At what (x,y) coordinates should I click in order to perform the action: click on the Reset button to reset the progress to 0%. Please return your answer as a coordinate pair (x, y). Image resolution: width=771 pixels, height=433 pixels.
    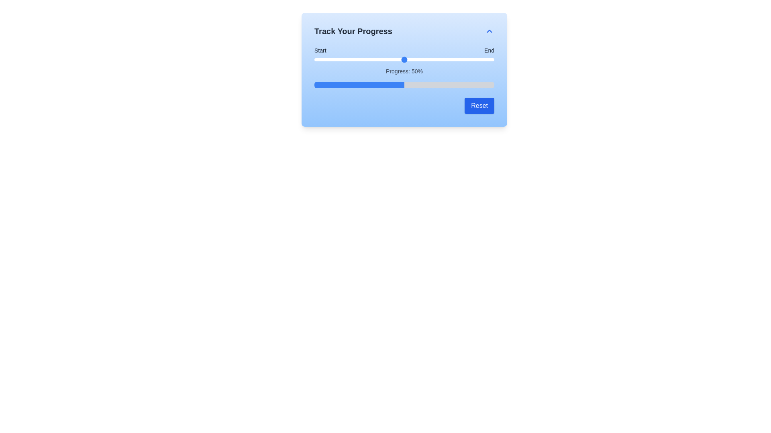
    Looking at the image, I should click on (479, 105).